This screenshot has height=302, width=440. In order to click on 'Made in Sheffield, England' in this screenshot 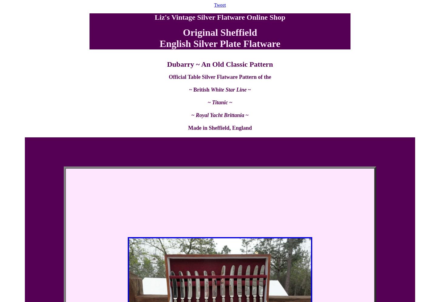, I will do `click(188, 128)`.